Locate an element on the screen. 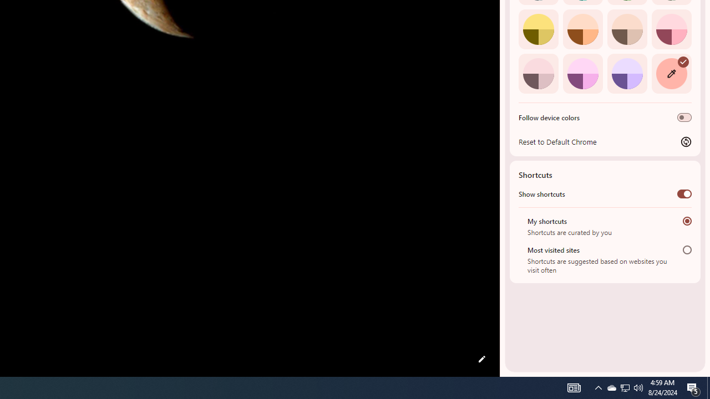 This screenshot has width=710, height=399. 'Violet' is located at coordinates (627, 73).